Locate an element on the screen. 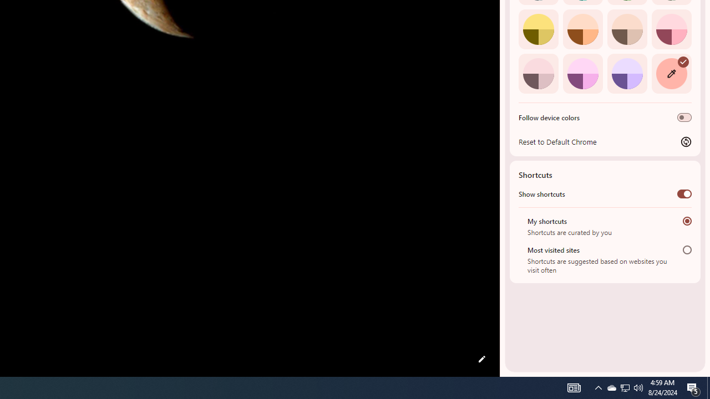 This screenshot has width=710, height=399. 'Violet' is located at coordinates (627, 73).